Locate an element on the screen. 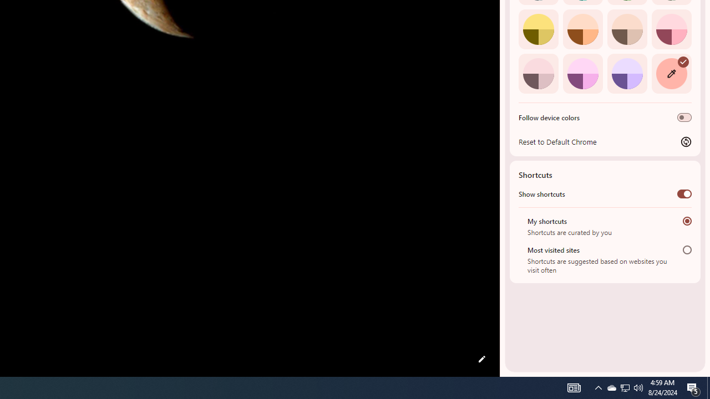 This screenshot has width=710, height=399. 'Violet' is located at coordinates (627, 73).